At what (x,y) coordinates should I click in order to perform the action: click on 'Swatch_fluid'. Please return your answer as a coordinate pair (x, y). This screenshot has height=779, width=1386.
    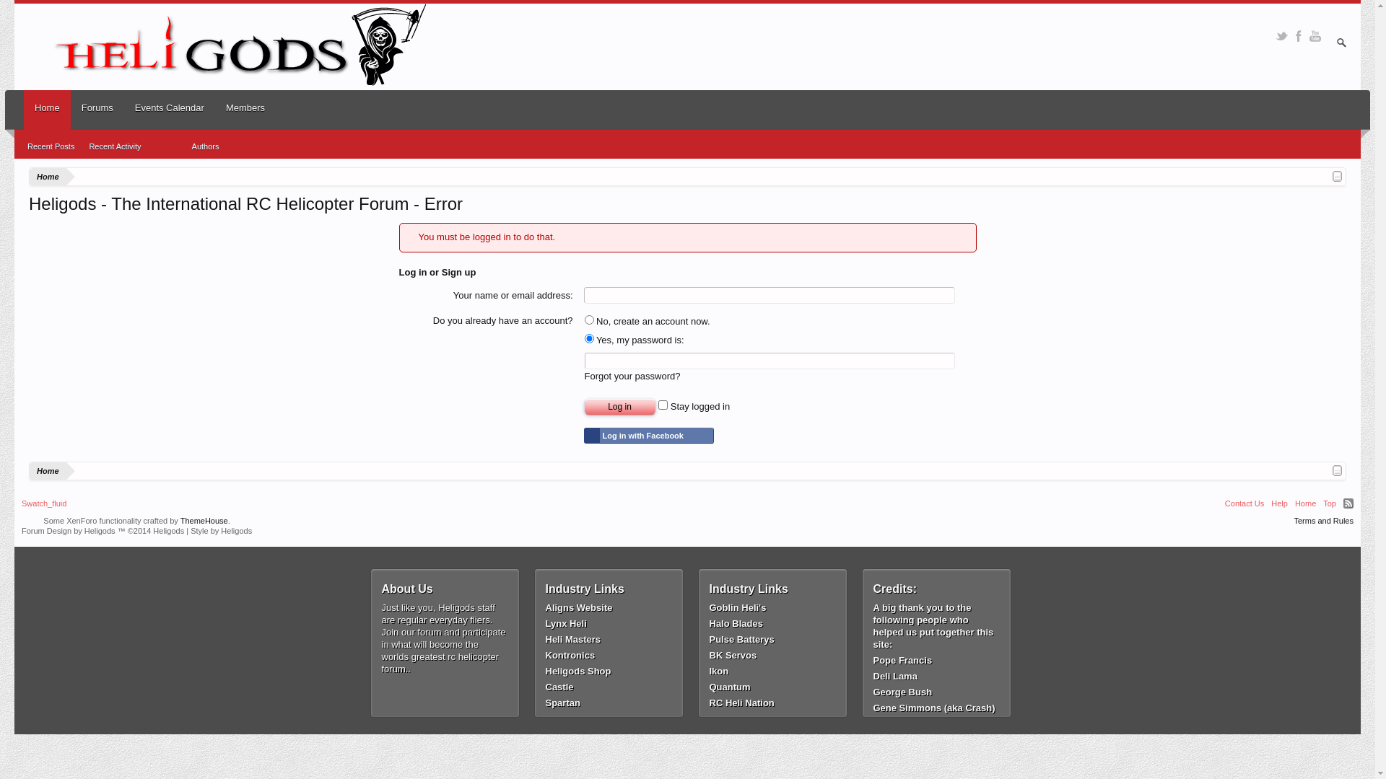
    Looking at the image, I should click on (44, 503).